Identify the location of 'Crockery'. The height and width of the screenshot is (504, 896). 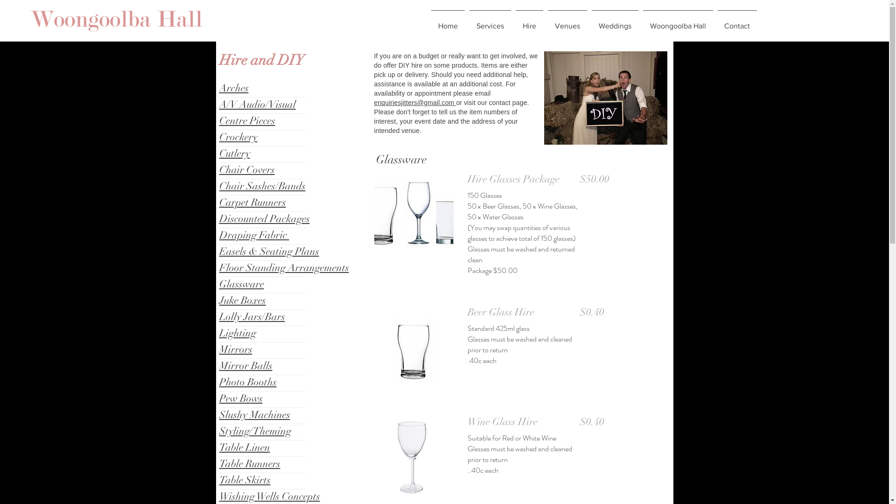
(238, 137).